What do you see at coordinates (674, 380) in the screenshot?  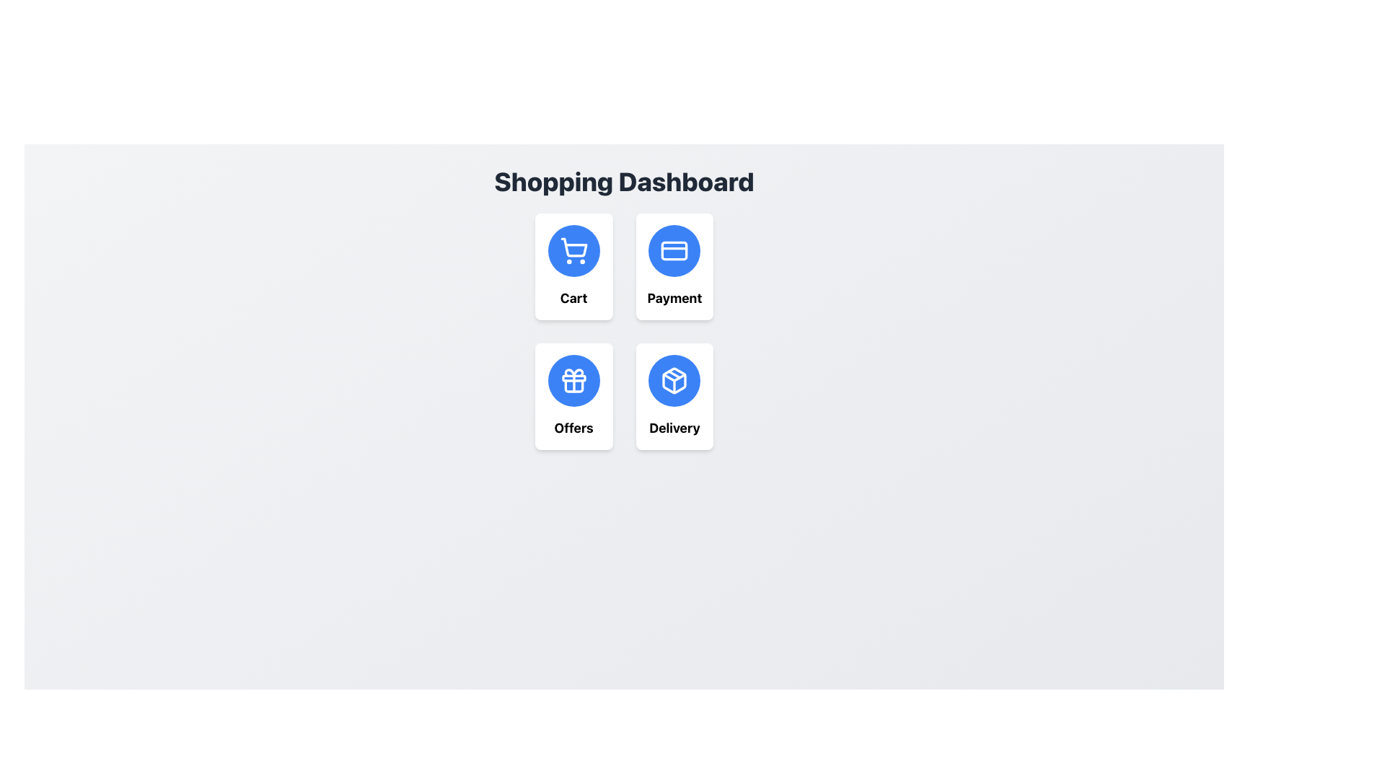 I see `the blue circular icon with a white outline of a box-like package, located in the lower right button of the 'Delivery' action button grid` at bounding box center [674, 380].